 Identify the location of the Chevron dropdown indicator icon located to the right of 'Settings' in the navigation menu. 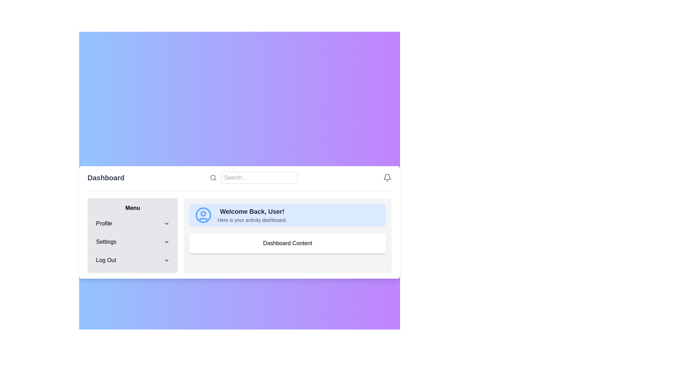
(166, 241).